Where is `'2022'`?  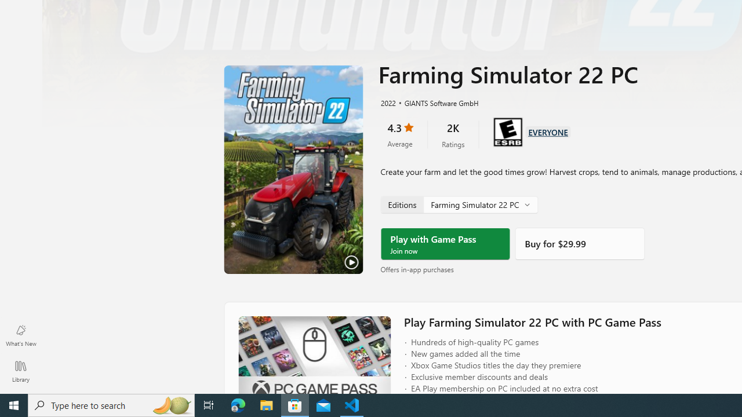 '2022' is located at coordinates (387, 102).